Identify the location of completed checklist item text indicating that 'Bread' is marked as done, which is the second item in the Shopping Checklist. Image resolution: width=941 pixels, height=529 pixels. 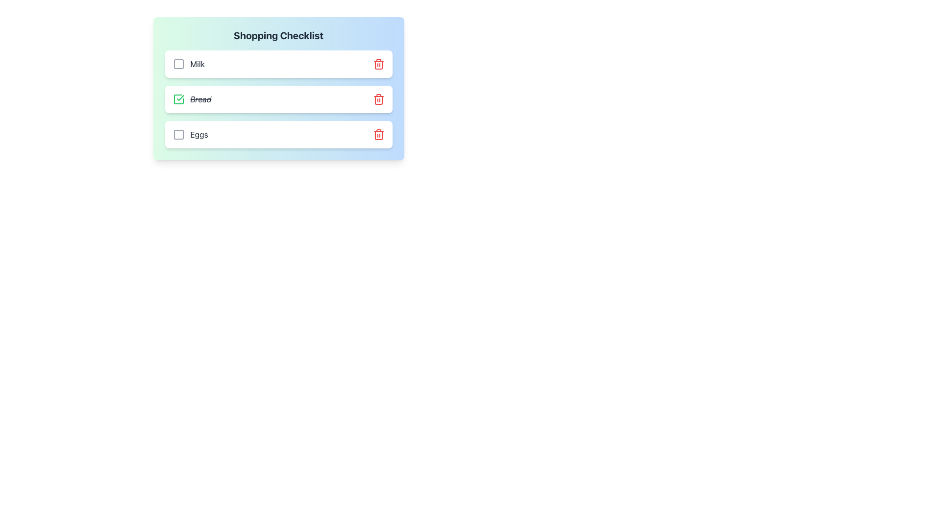
(192, 99).